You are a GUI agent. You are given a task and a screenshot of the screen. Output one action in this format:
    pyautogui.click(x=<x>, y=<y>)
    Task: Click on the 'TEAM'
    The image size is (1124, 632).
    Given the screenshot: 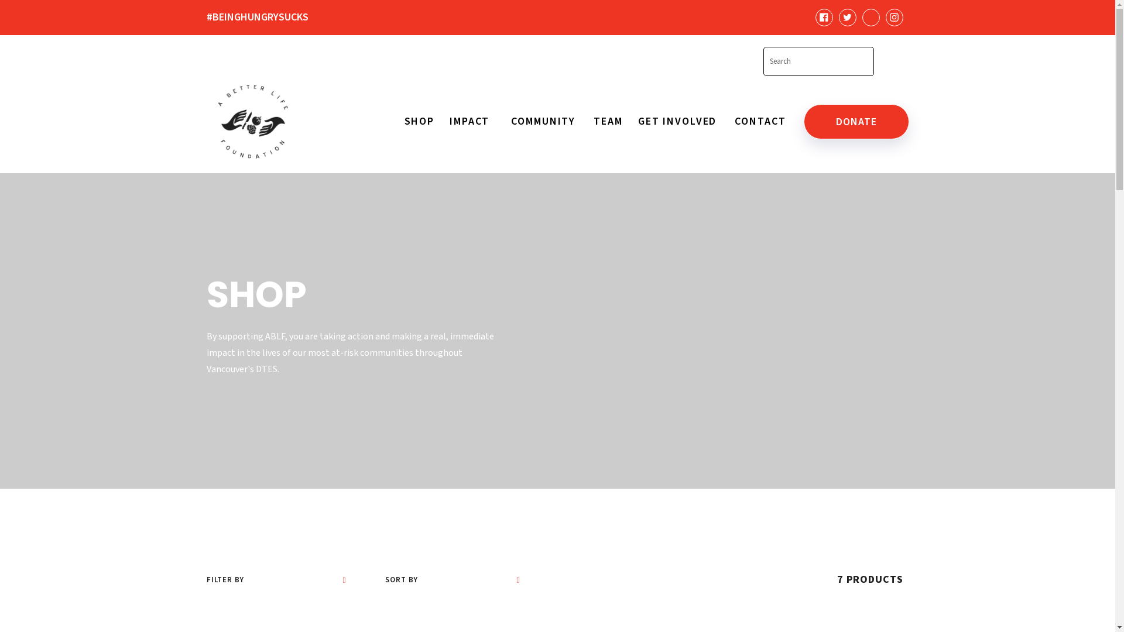 What is the action you would take?
    pyautogui.click(x=608, y=122)
    